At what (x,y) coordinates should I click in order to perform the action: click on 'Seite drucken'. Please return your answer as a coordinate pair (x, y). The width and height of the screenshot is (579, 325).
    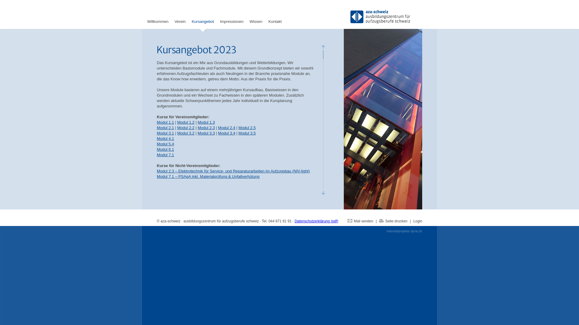
    Looking at the image, I should click on (393, 221).